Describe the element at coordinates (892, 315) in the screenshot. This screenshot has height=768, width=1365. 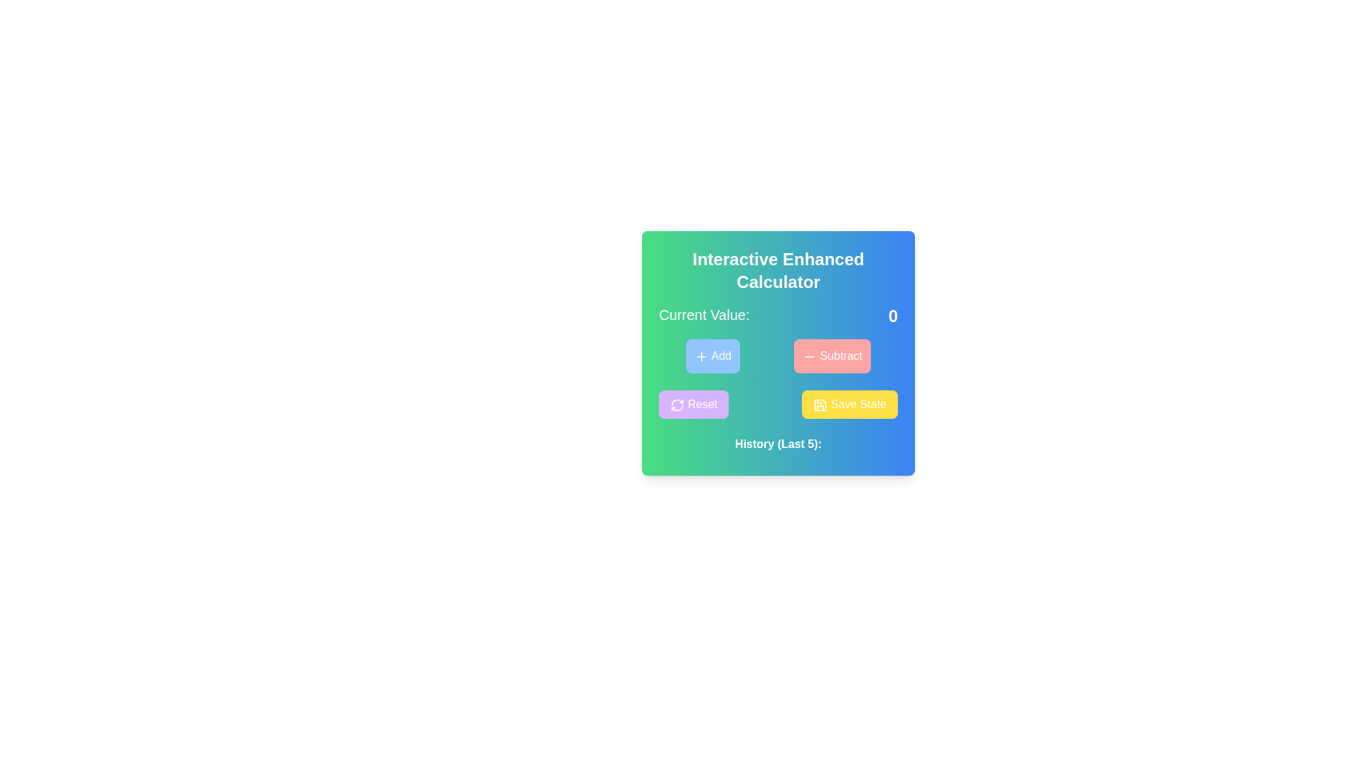
I see `the bold, larger-sized white text displaying the numeral '0' on a blue background, which is positioned centrally to the right of 'Current Value:'` at that location.